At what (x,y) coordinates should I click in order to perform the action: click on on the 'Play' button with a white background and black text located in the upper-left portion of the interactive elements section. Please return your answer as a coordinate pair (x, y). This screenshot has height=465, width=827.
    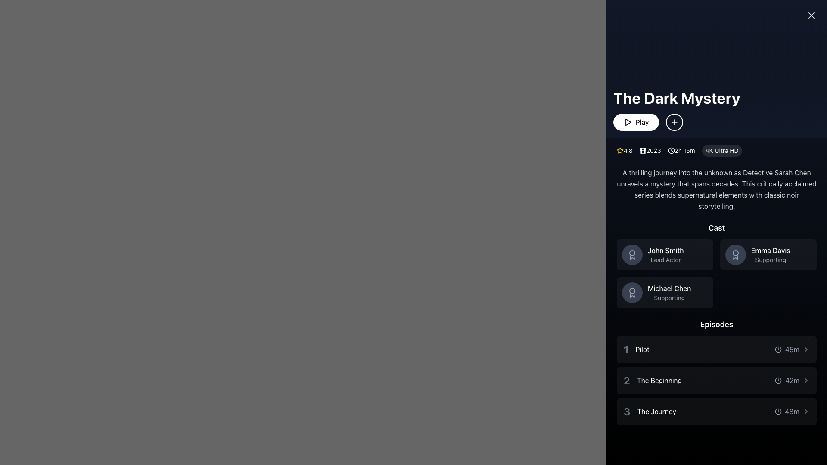
    Looking at the image, I should click on (636, 122).